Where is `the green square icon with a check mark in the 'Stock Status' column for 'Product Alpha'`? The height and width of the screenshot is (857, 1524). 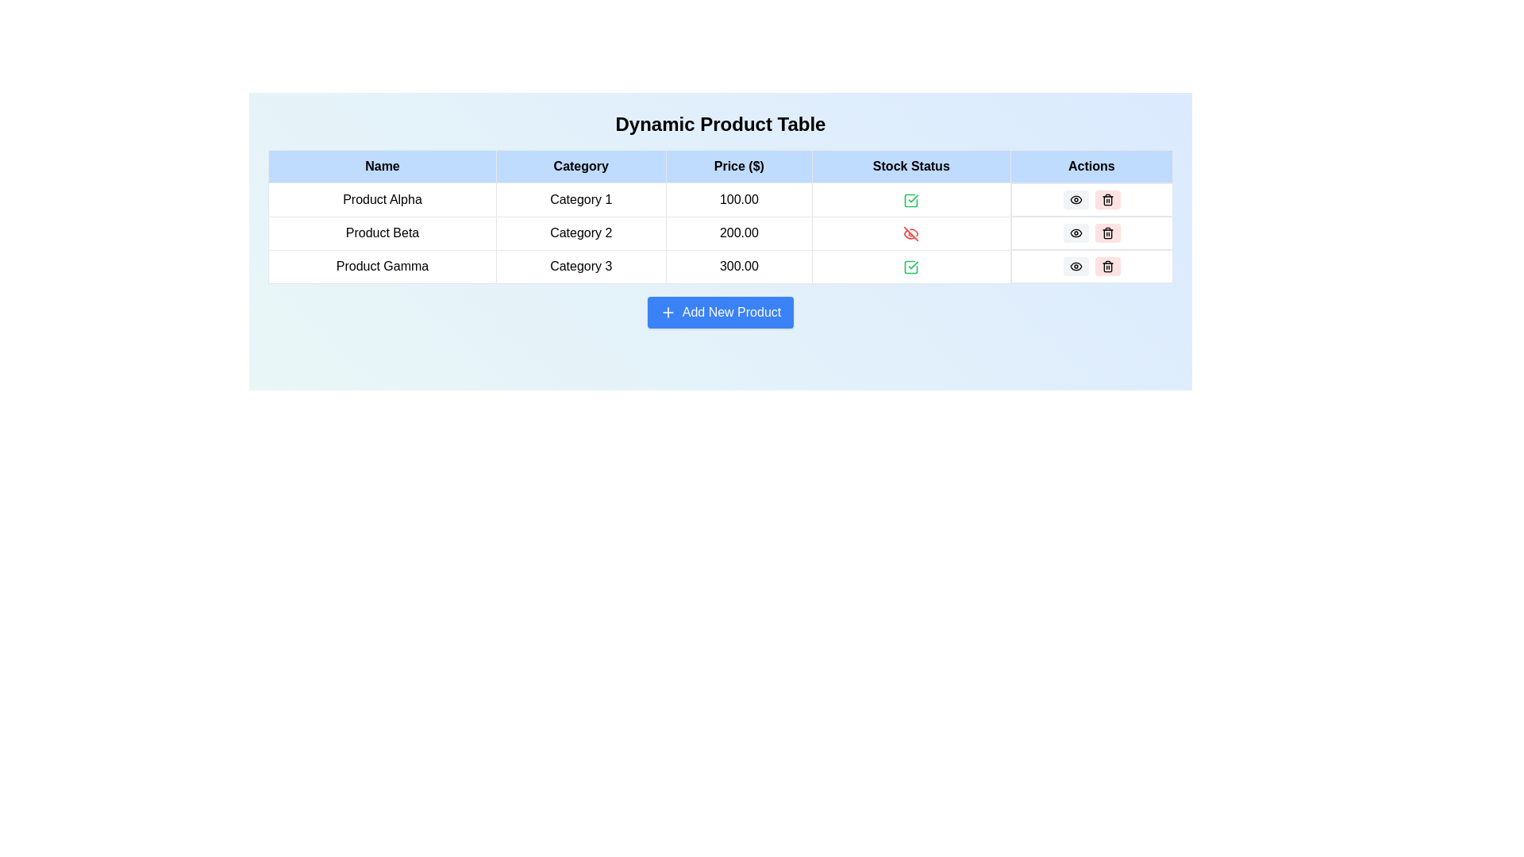 the green square icon with a check mark in the 'Stock Status' column for 'Product Alpha' is located at coordinates (911, 198).